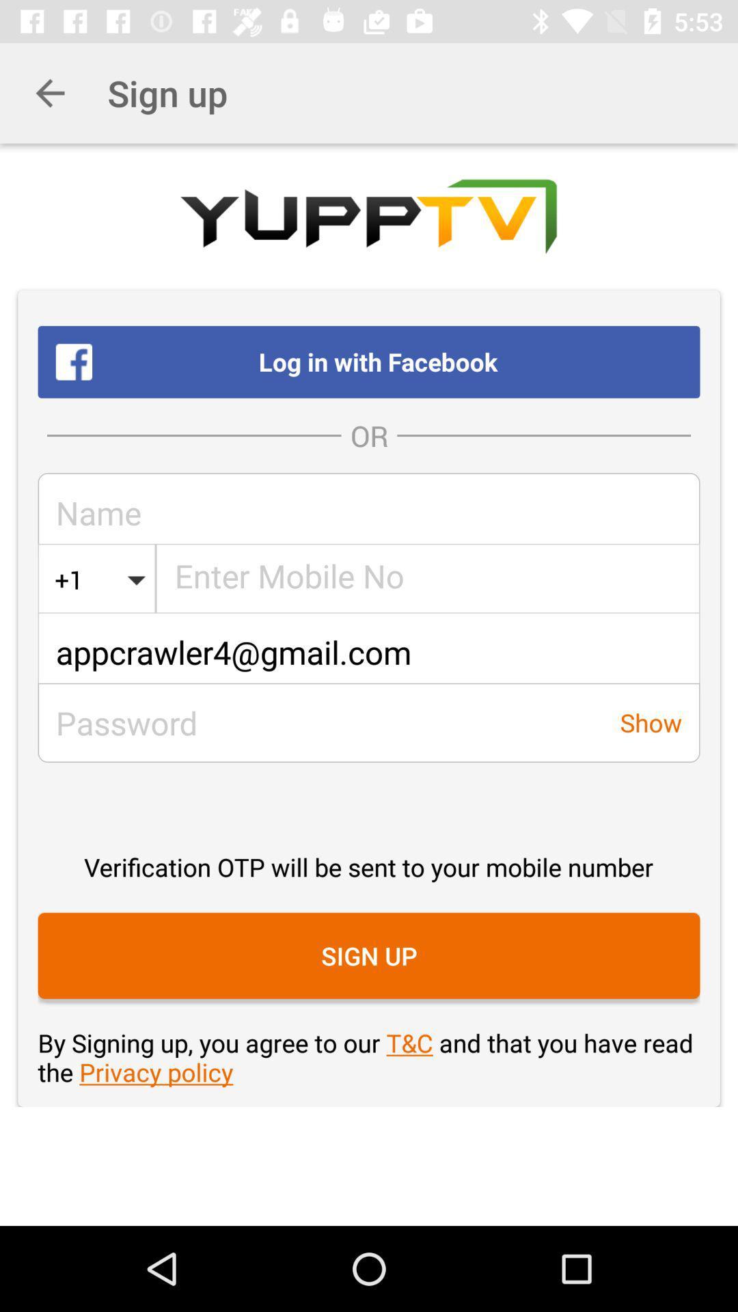 This screenshot has width=738, height=1312. I want to click on item above the appcrawler4@gmail.com, so click(69, 579).